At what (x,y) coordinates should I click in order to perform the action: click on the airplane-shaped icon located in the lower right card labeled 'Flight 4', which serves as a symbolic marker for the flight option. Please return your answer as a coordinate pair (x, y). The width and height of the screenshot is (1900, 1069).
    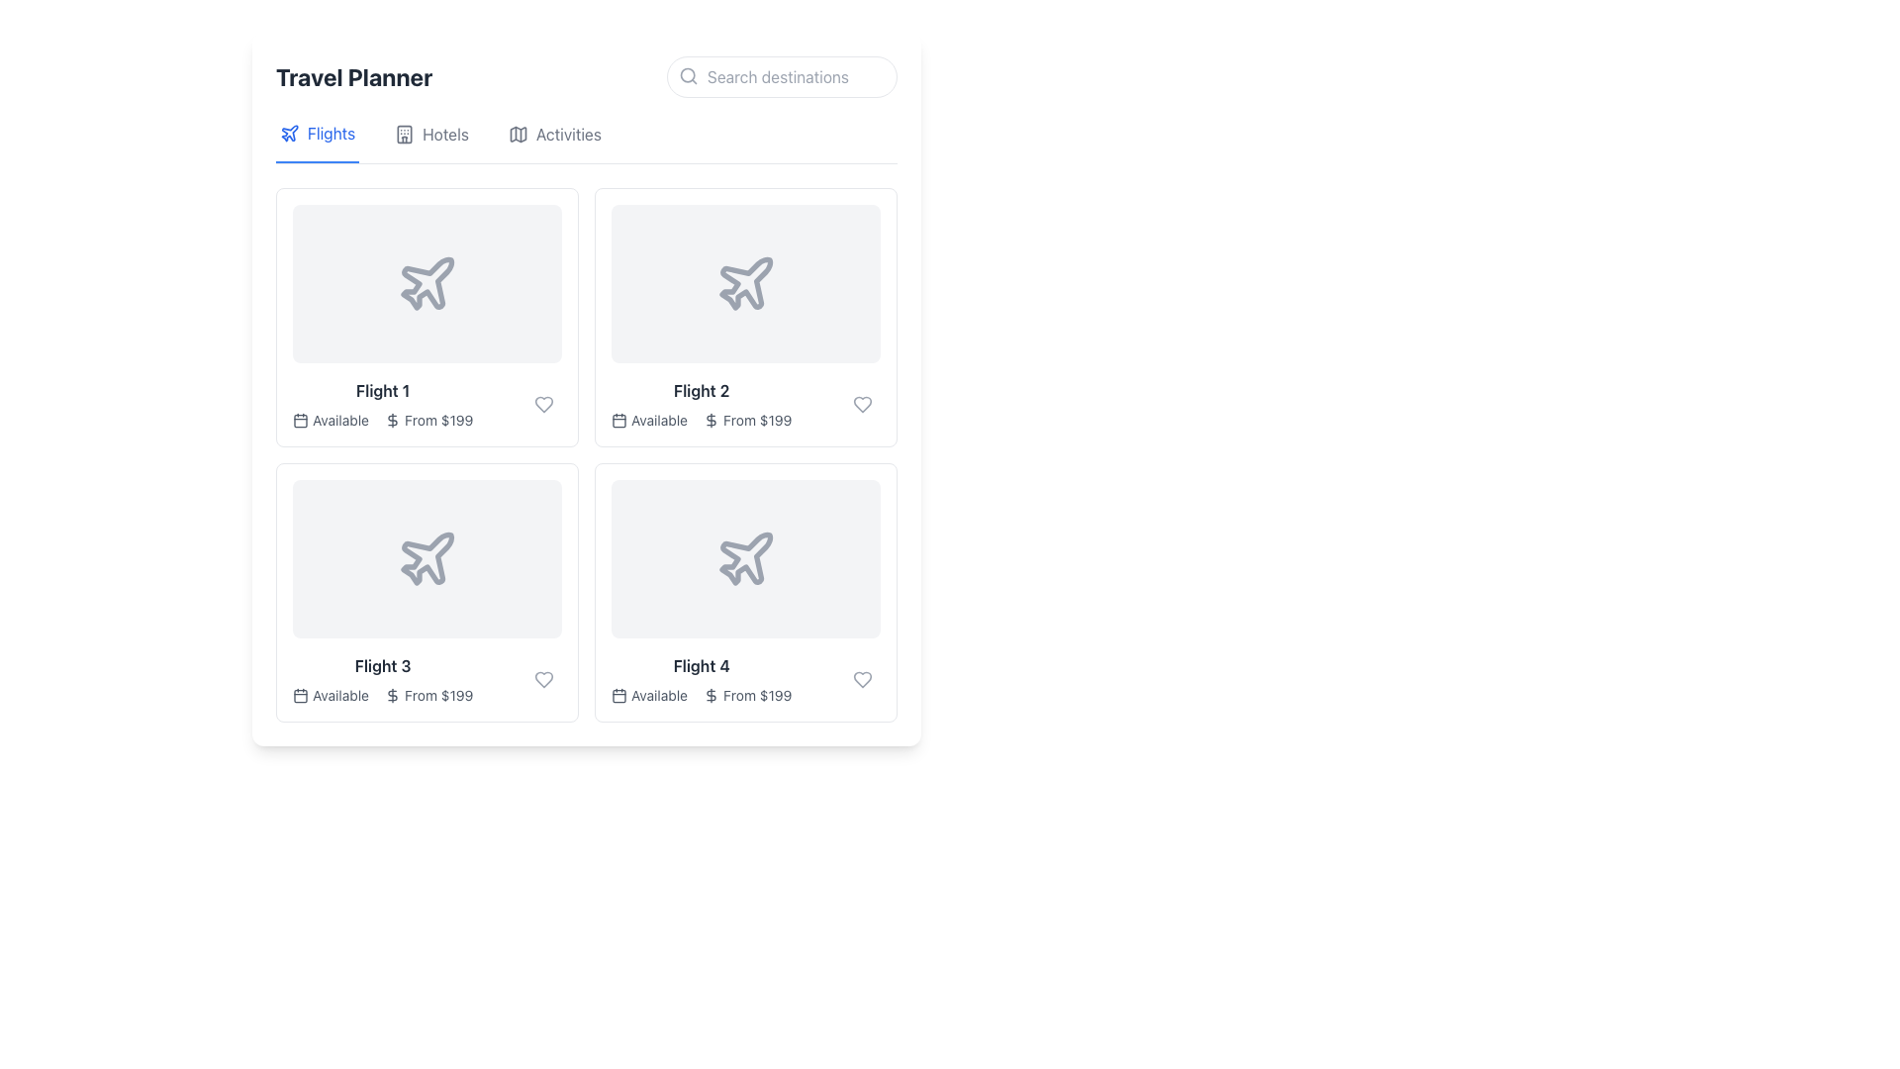
    Looking at the image, I should click on (745, 558).